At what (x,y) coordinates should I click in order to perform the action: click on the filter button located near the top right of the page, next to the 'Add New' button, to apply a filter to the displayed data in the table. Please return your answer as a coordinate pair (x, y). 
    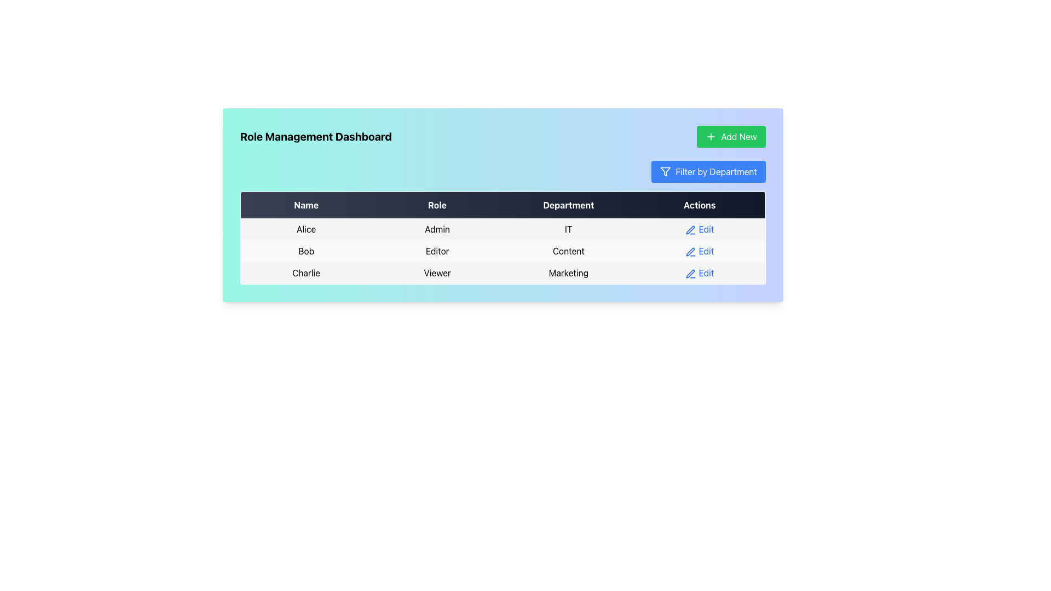
    Looking at the image, I should click on (708, 171).